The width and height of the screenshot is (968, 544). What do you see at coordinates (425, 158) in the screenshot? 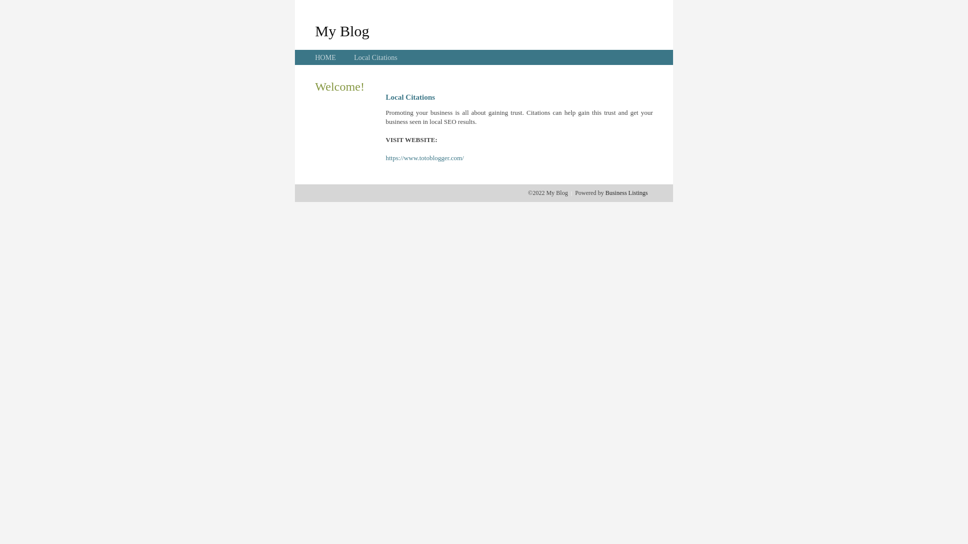
I see `'https://www.totoblogger.com/'` at bounding box center [425, 158].